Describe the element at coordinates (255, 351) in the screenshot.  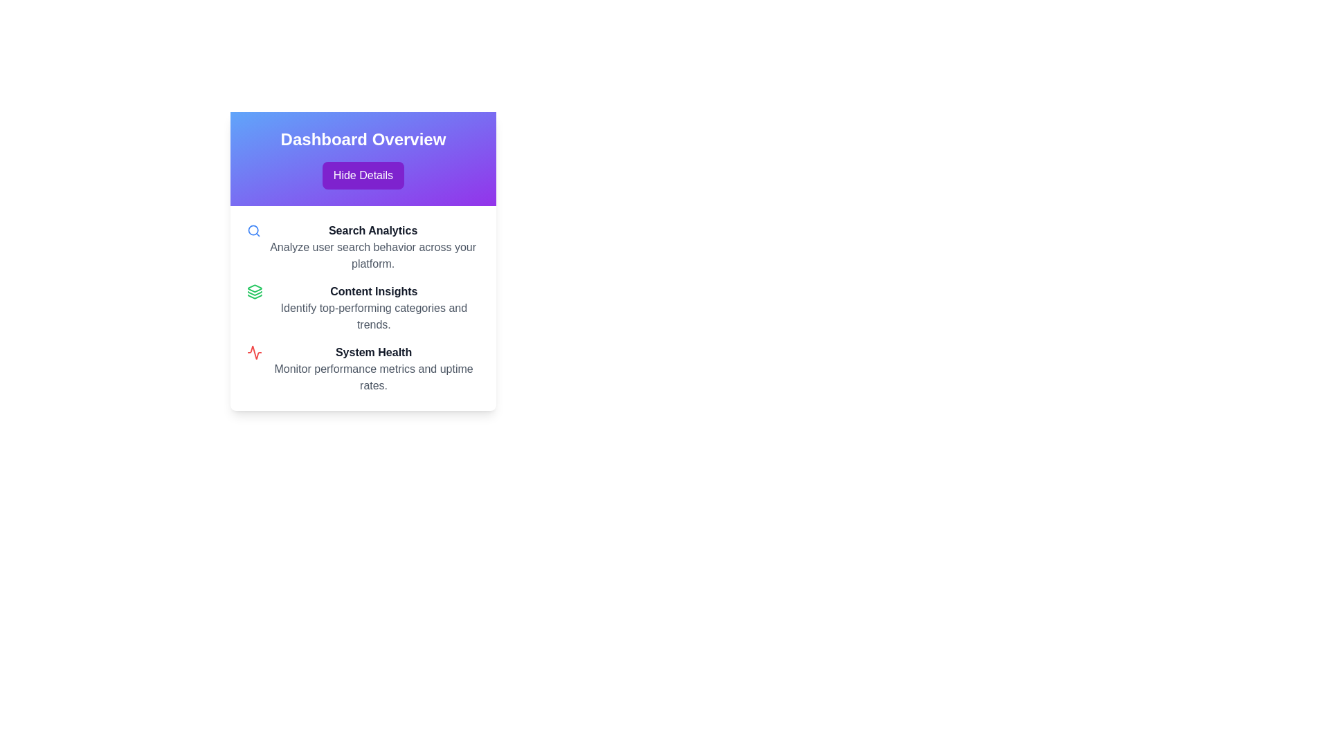
I see `the red waveform-shaped icon representing system health in the Dashboard Overview panel` at that location.